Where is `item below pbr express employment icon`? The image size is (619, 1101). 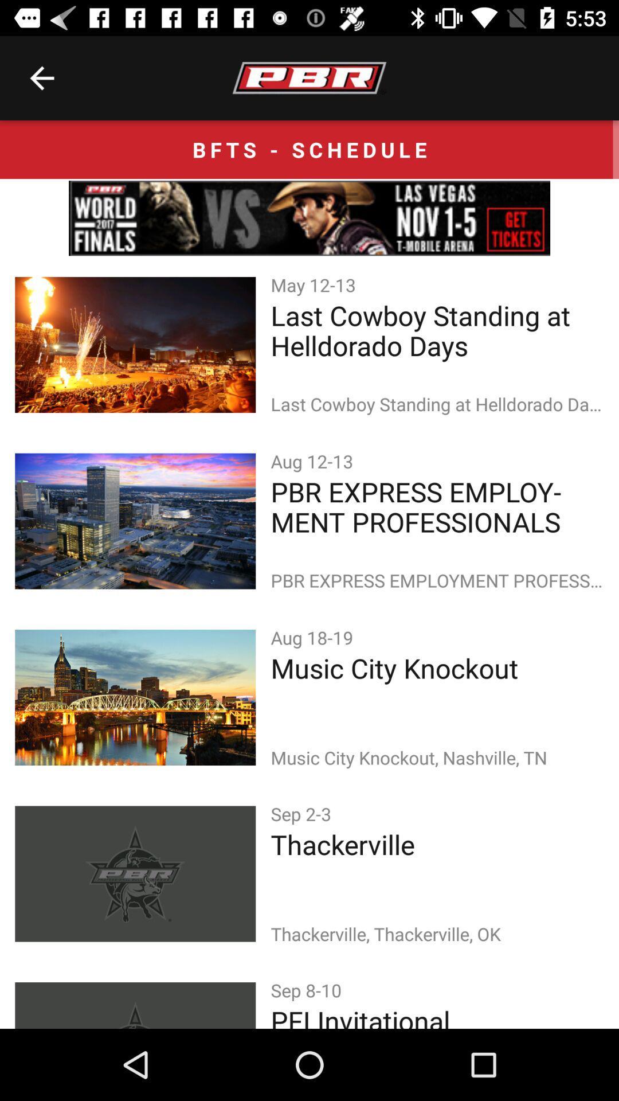
item below pbr express employment icon is located at coordinates (314, 637).